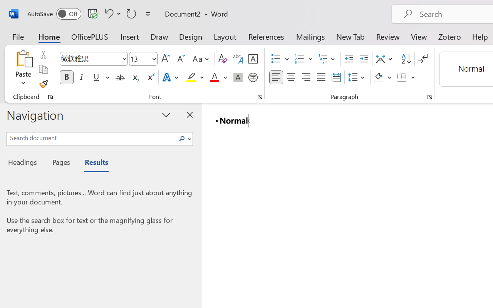 The image size is (493, 308). What do you see at coordinates (184, 139) in the screenshot?
I see `'Search'` at bounding box center [184, 139].